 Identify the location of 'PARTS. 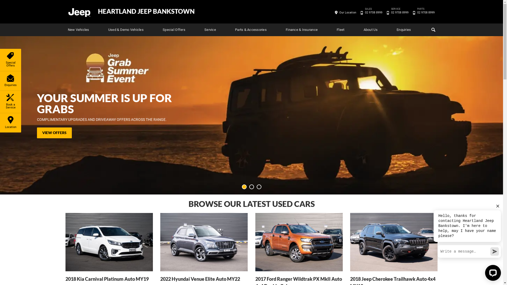
(426, 12).